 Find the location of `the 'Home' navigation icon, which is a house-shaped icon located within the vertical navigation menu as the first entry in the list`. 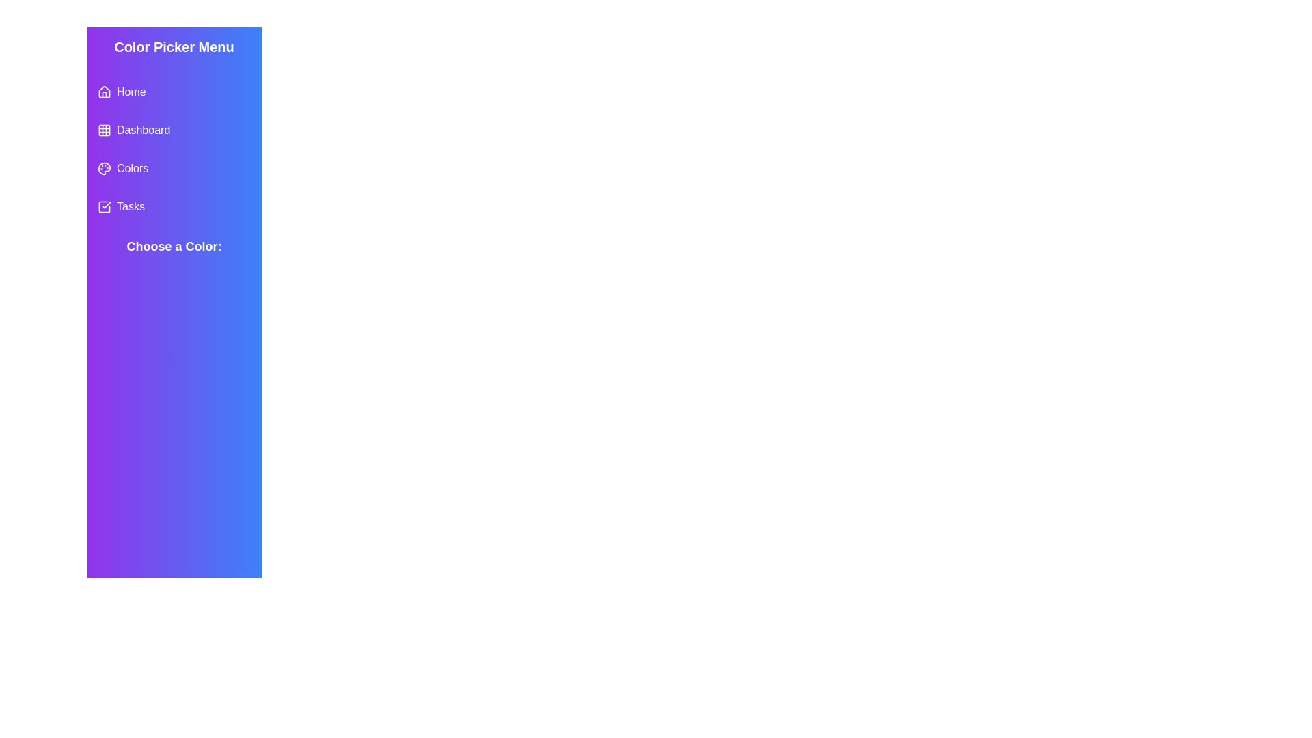

the 'Home' navigation icon, which is a house-shaped icon located within the vertical navigation menu as the first entry in the list is located at coordinates (104, 92).